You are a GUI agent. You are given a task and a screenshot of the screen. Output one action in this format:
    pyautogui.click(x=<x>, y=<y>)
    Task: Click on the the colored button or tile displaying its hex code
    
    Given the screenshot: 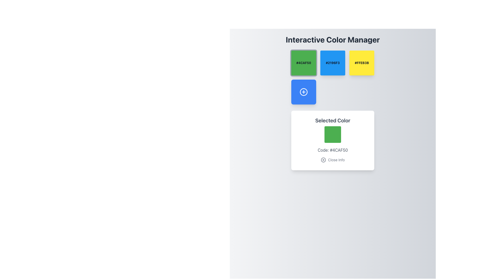 What is the action you would take?
    pyautogui.click(x=304, y=63)
    